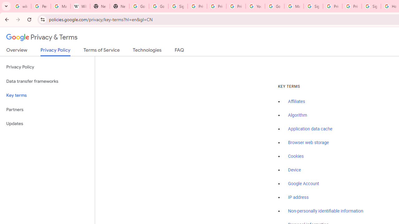 This screenshot has width=399, height=224. Describe the element at coordinates (100, 6) in the screenshot. I see `'New Tab'` at that location.